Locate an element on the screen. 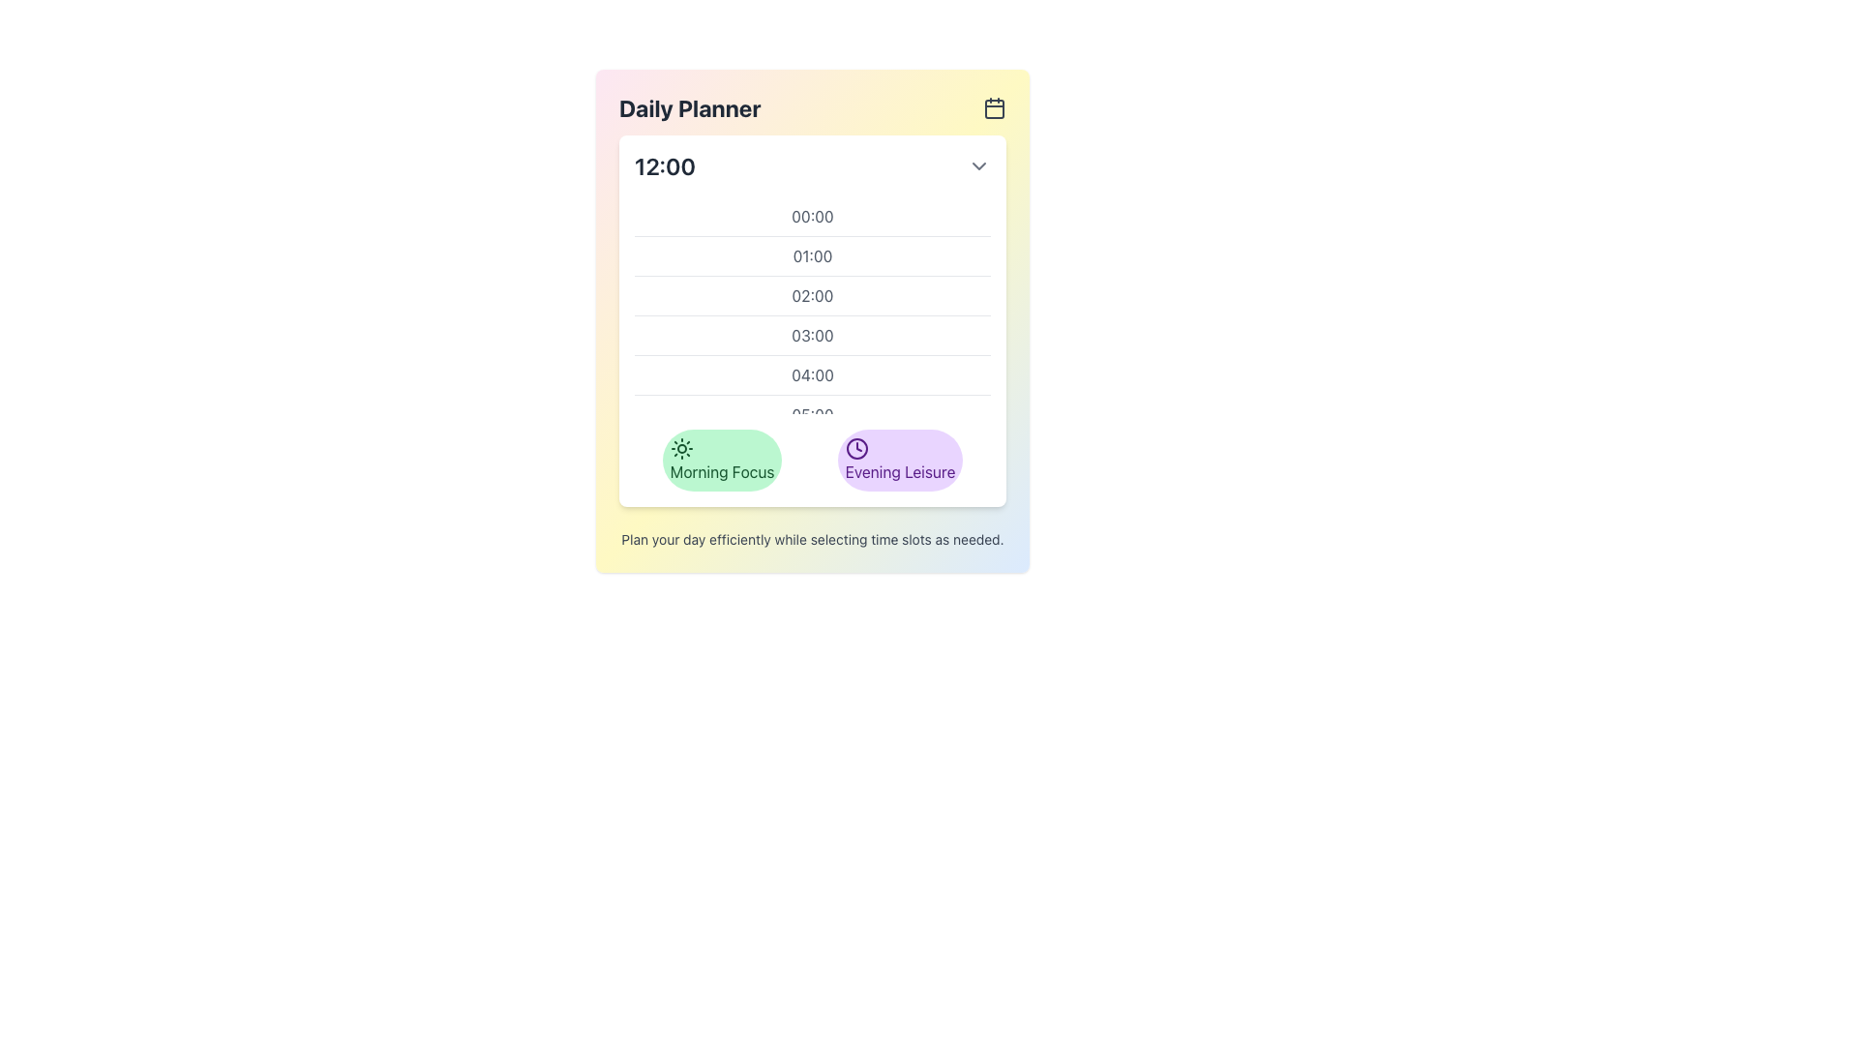  the sun icon located to the left of the 'Morning Focus' text within the button in the 'Daily Planner' section is located at coordinates (681, 448).